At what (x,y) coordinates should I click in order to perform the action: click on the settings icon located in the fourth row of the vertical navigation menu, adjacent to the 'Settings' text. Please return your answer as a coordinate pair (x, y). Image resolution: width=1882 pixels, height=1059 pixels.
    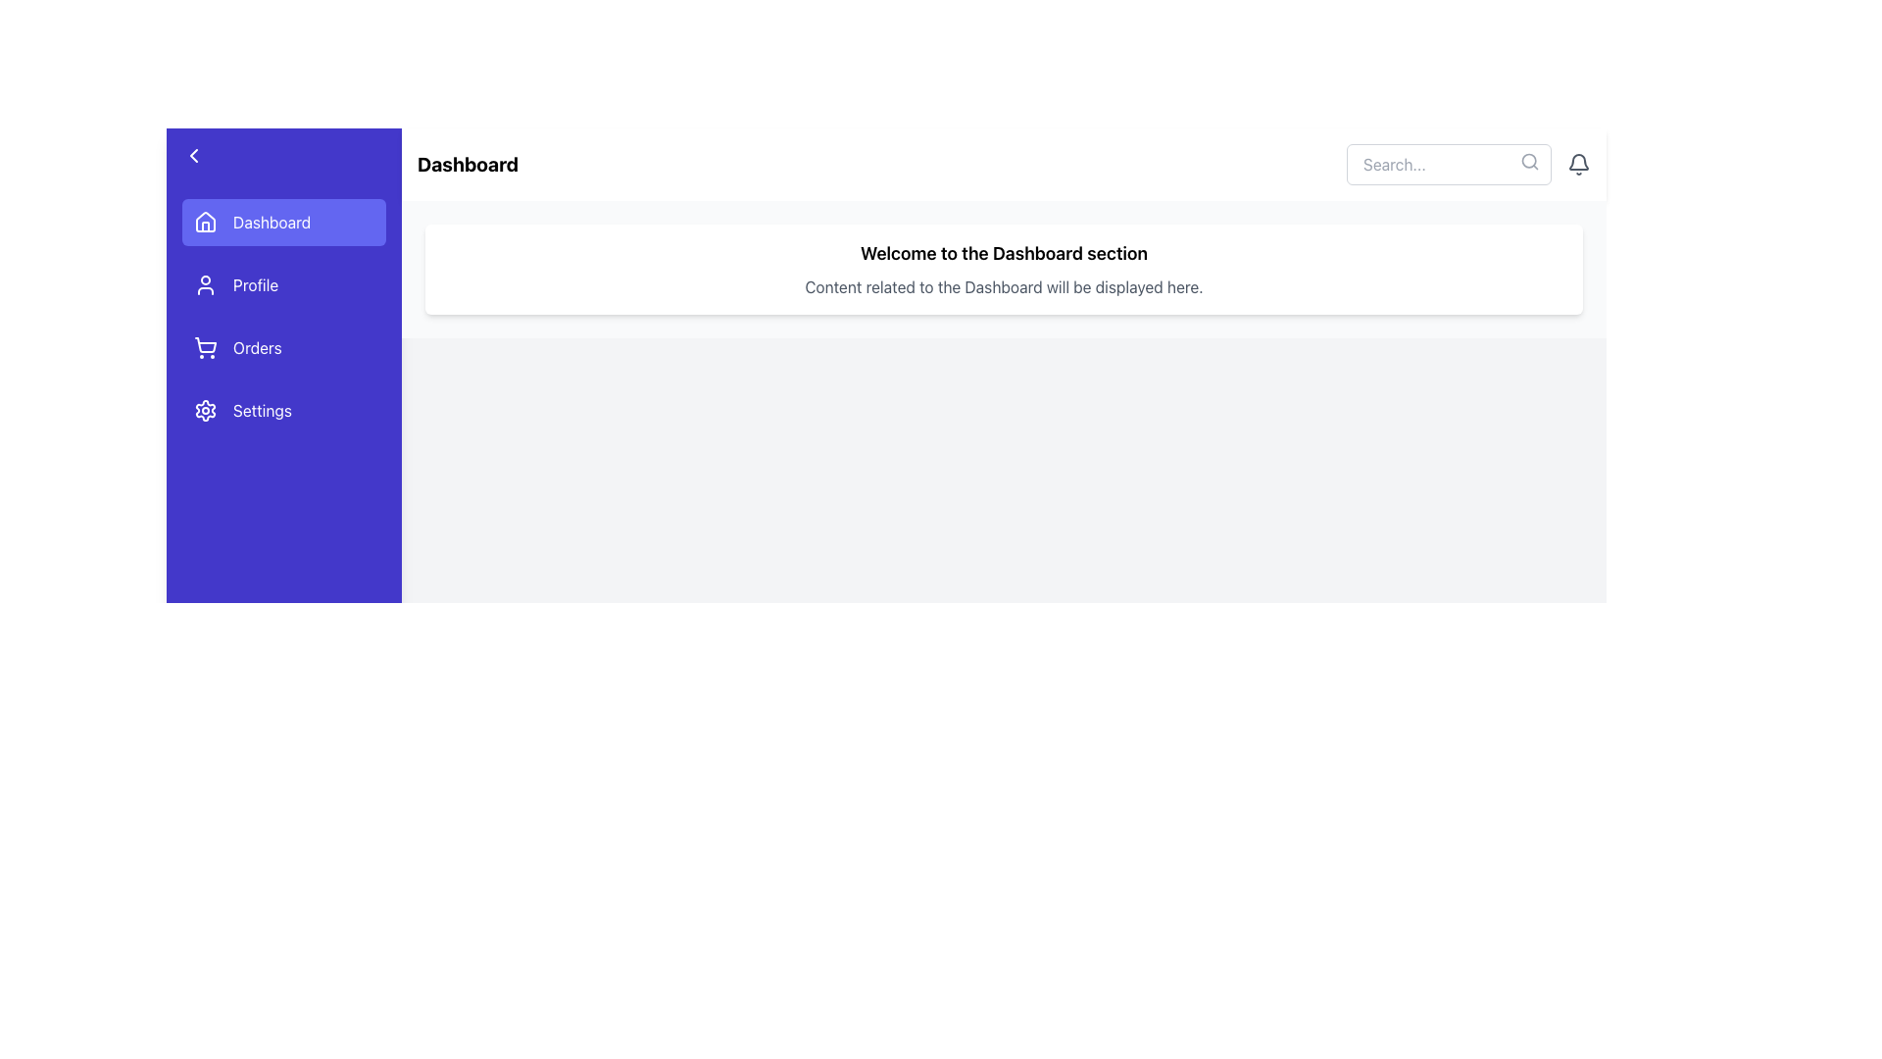
    Looking at the image, I should click on (206, 410).